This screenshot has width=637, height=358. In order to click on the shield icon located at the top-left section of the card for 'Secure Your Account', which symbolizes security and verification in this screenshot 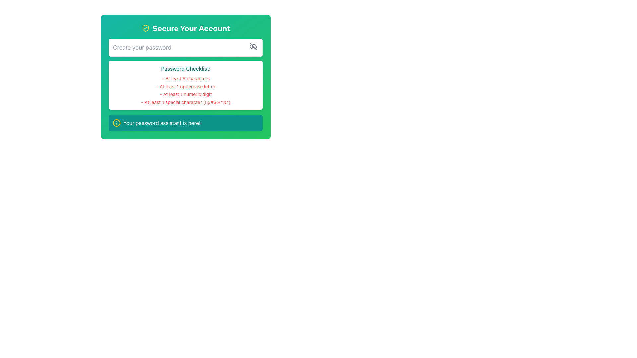, I will do `click(145, 28)`.